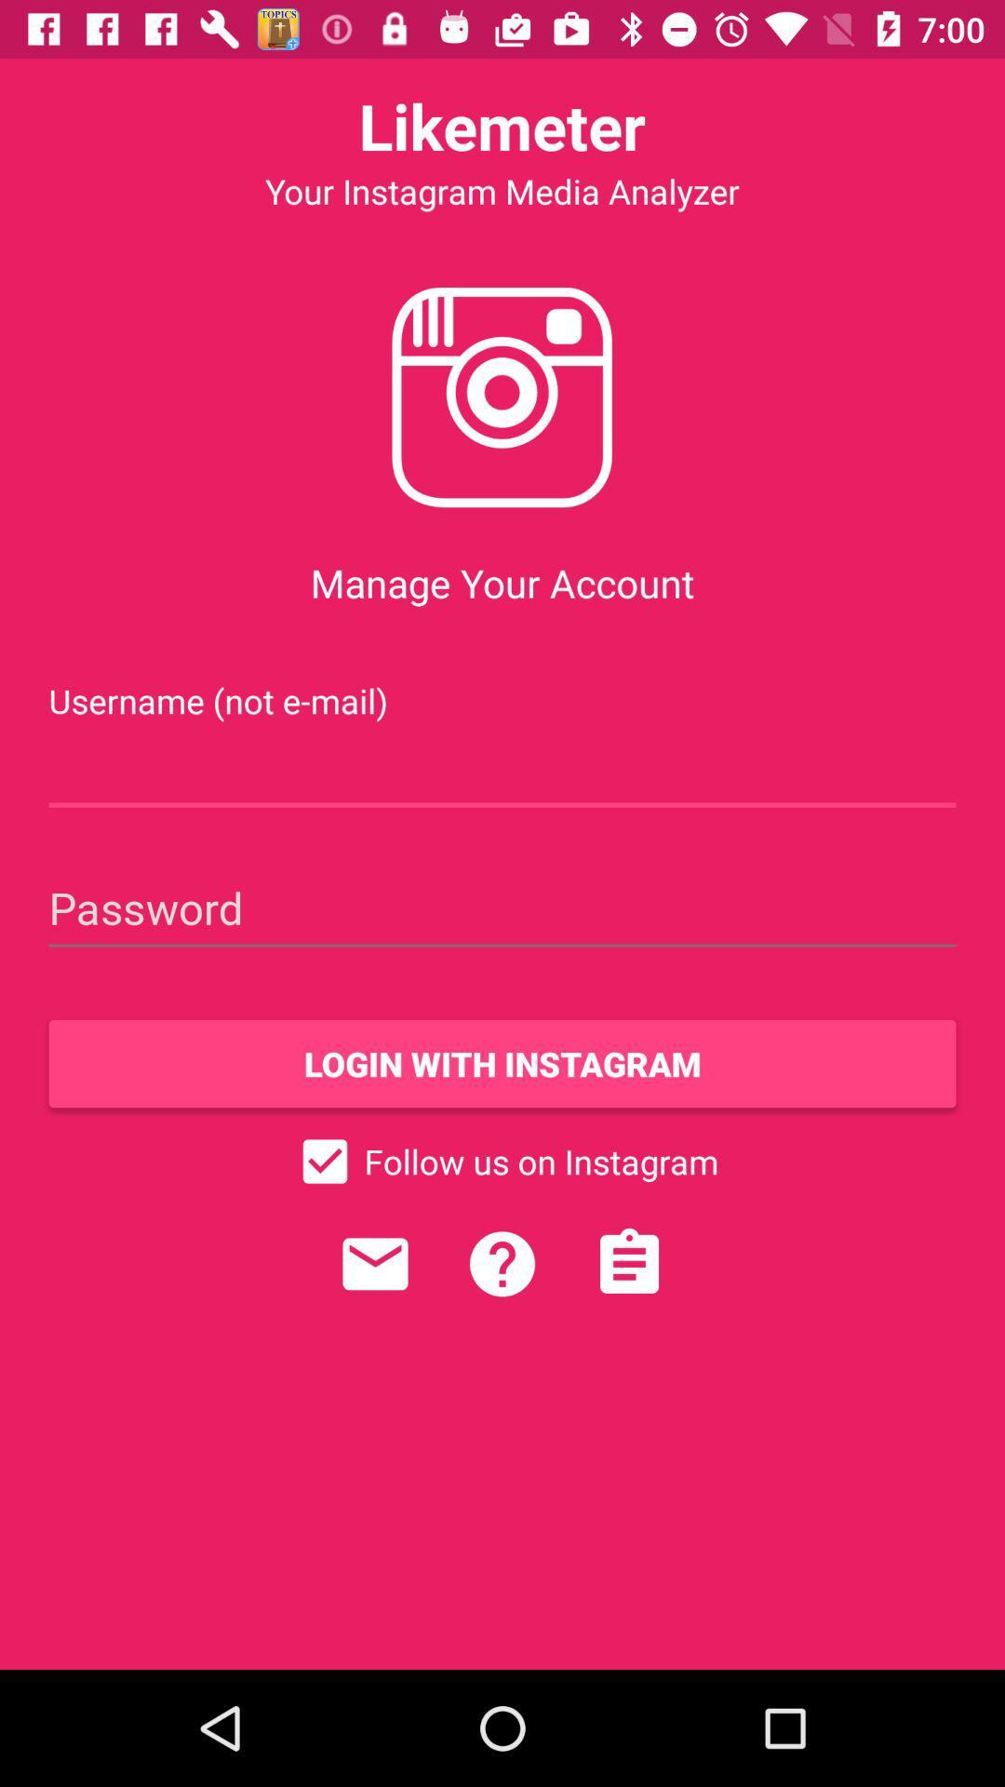  I want to click on icon below follow us on, so click(628, 1264).